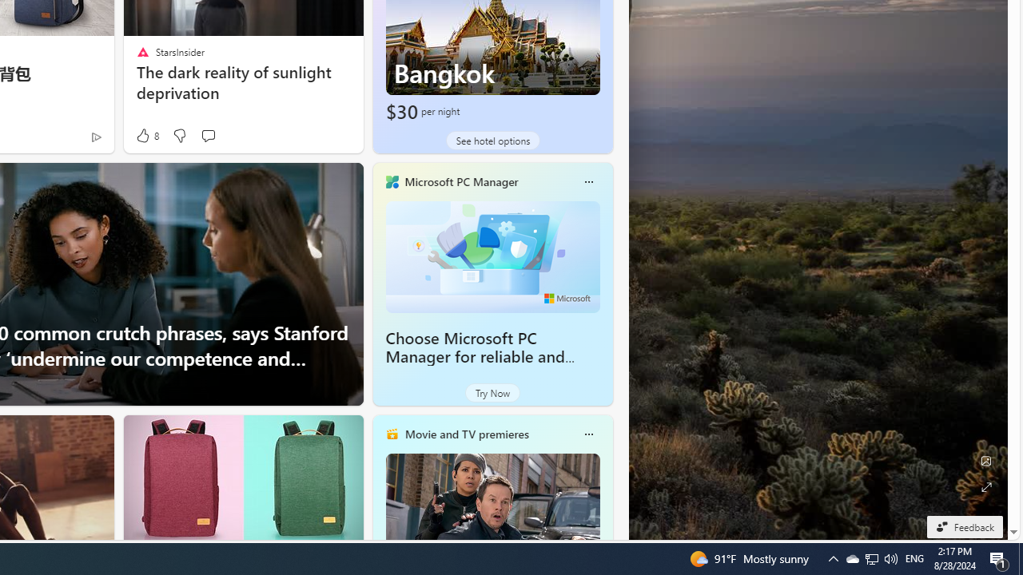  I want to click on 'Class: icon-img', so click(587, 434).